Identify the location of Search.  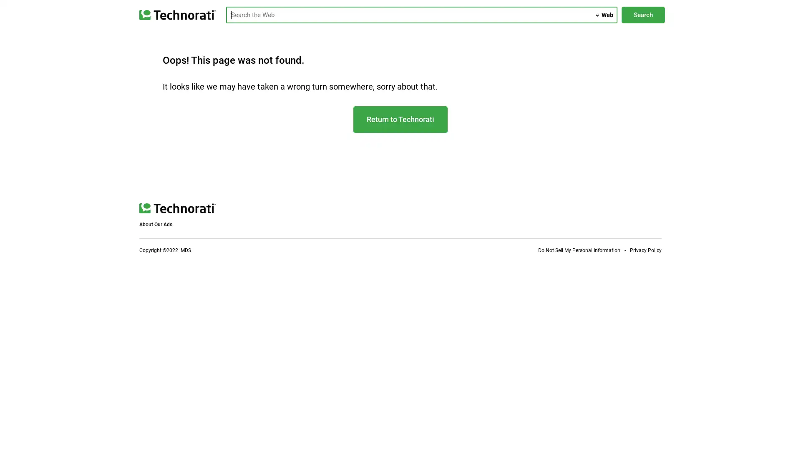
(642, 15).